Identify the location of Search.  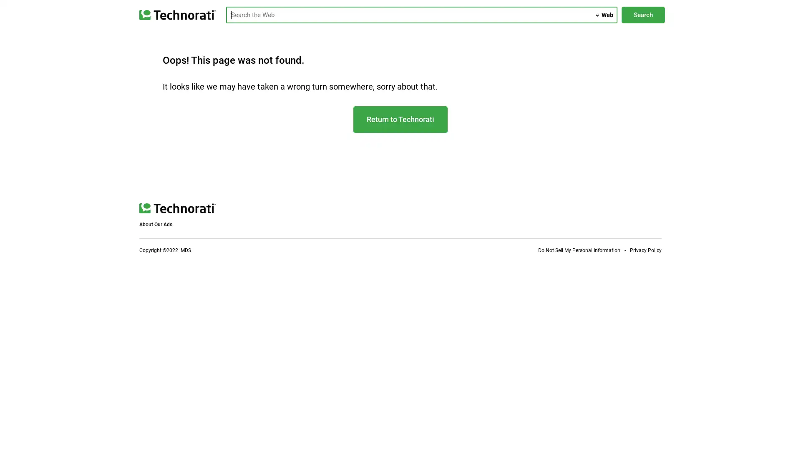
(642, 15).